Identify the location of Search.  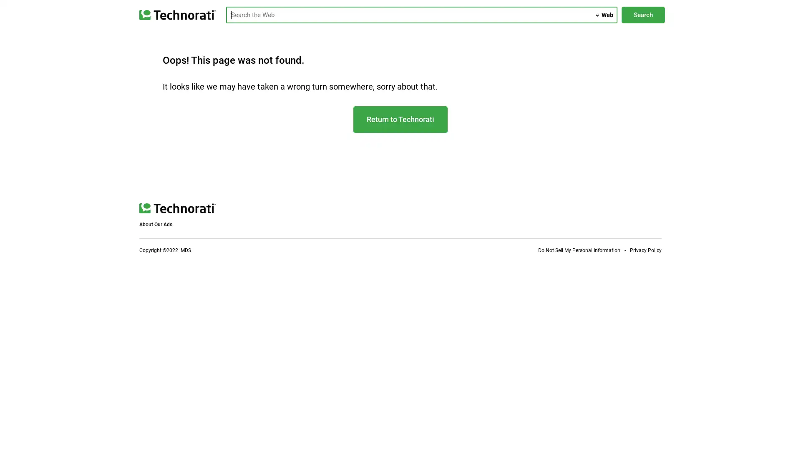
(642, 15).